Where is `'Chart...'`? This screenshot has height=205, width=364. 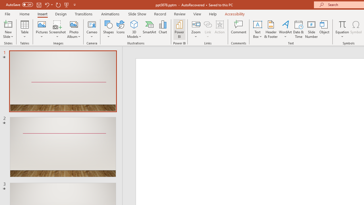 'Chart...' is located at coordinates (162, 29).